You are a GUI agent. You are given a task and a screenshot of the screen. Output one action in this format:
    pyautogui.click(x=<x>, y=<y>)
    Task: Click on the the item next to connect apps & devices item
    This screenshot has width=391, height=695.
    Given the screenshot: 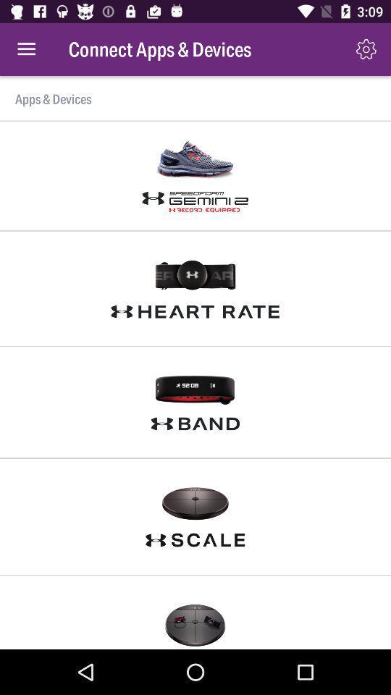 What is the action you would take?
    pyautogui.click(x=26, y=49)
    